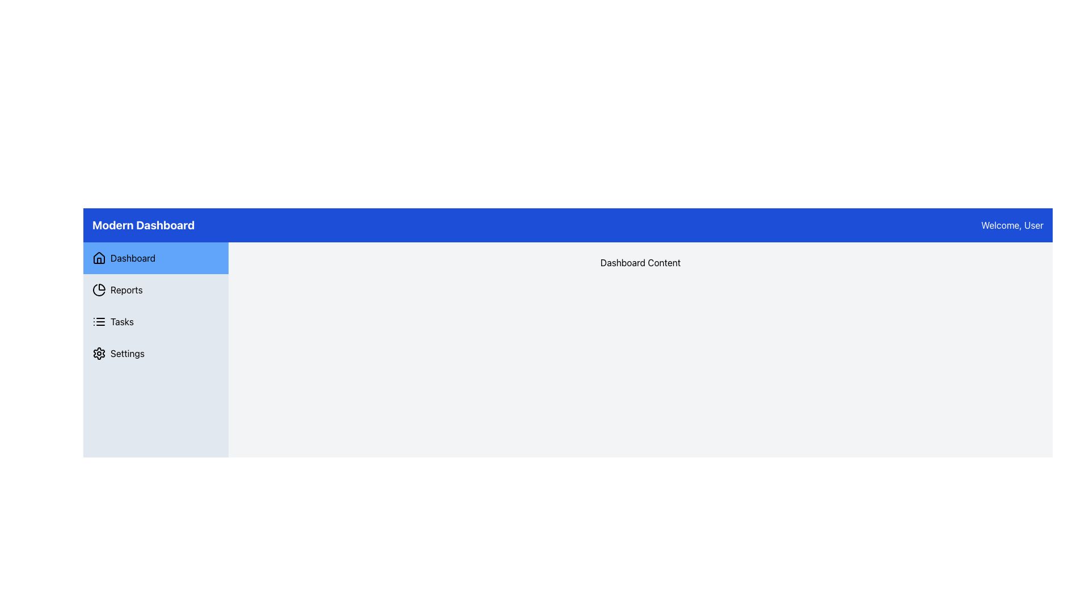  I want to click on the blue 'Dashboard' button located at the top of the vertical stack of buttons on the left sidebar, so click(155, 258).